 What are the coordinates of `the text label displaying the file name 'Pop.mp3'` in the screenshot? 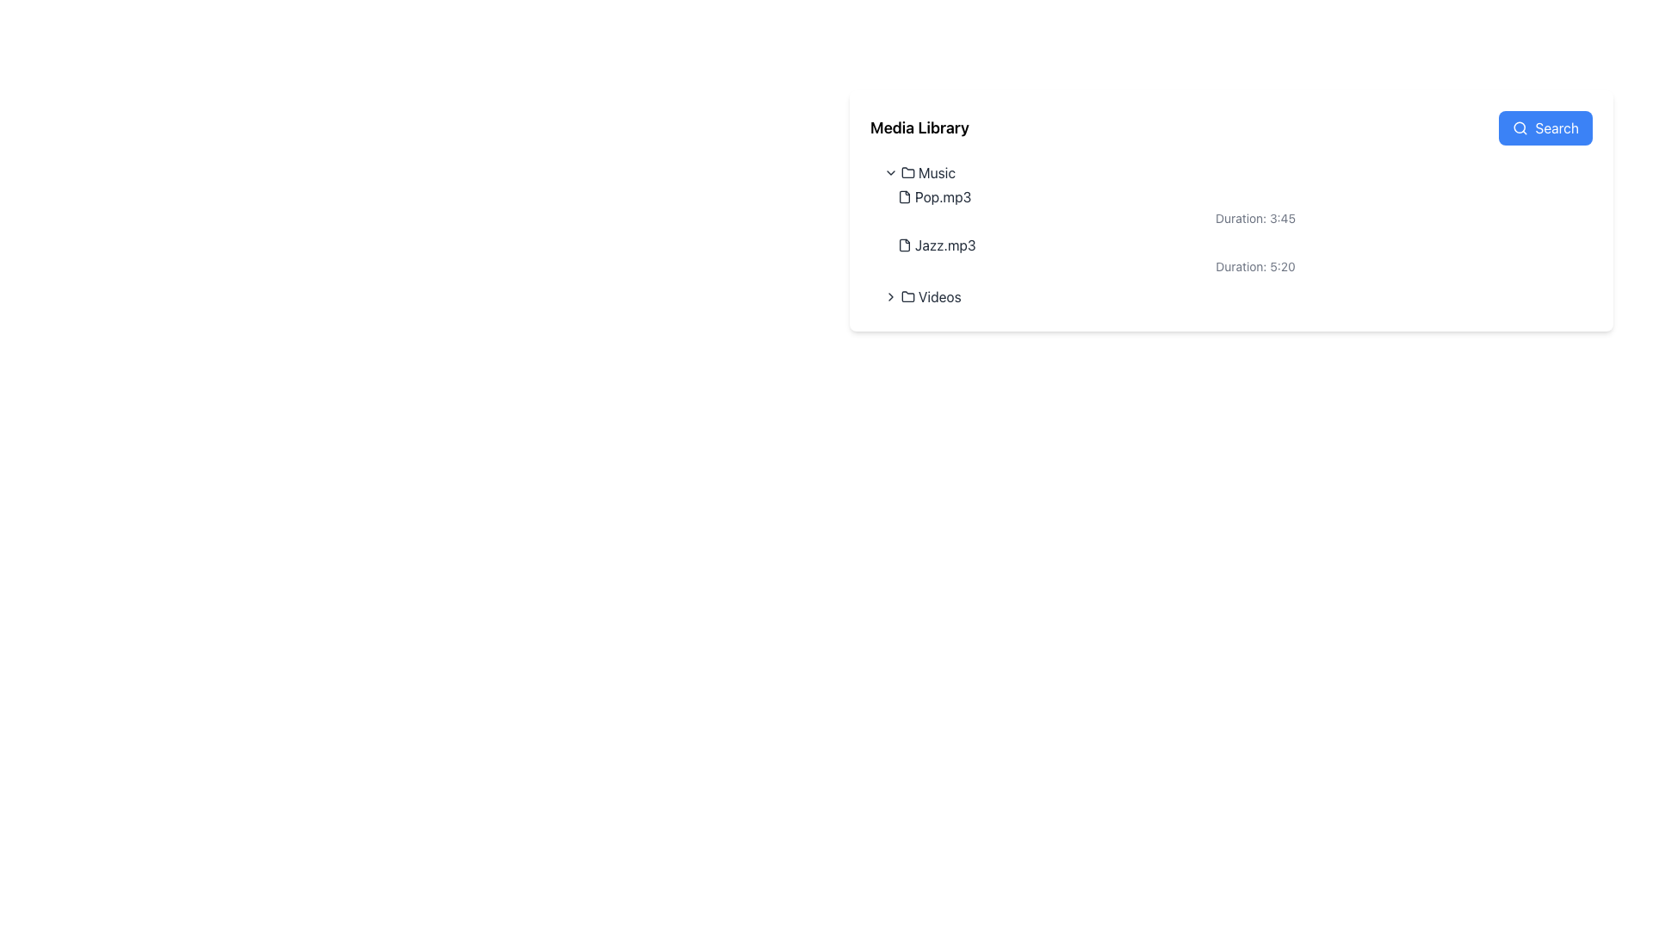 It's located at (942, 195).